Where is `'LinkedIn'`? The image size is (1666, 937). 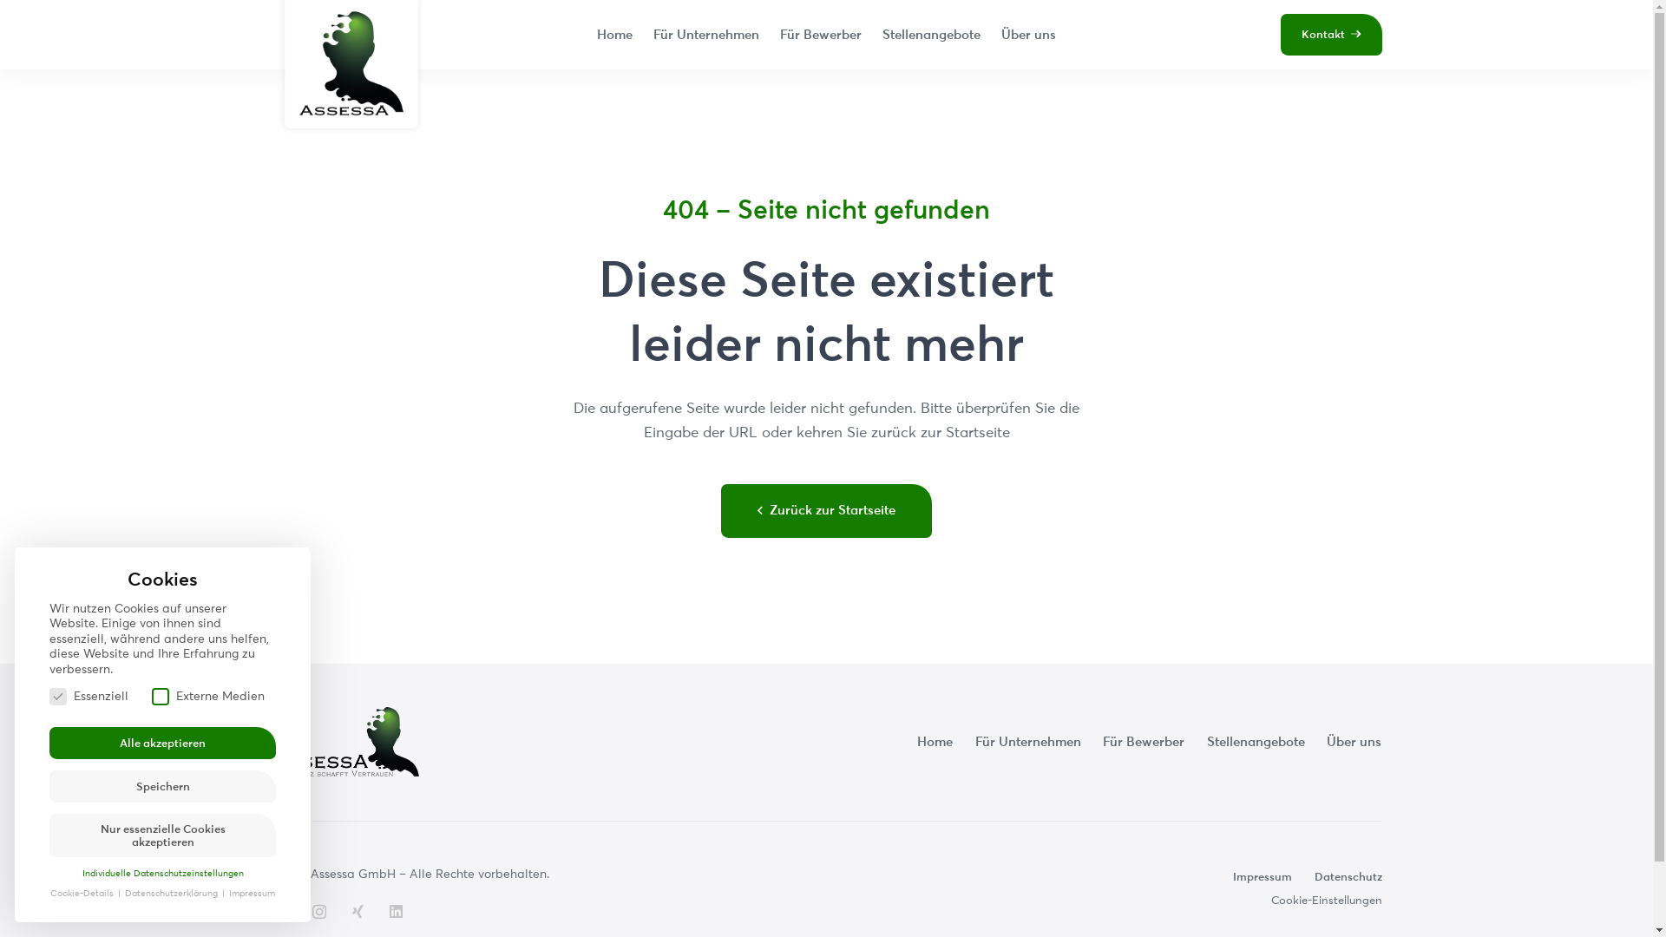 'LinkedIn' is located at coordinates (394, 910).